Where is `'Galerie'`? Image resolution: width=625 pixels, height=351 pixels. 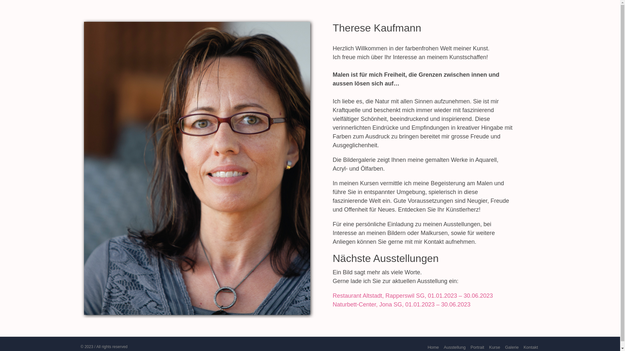 'Galerie' is located at coordinates (504, 347).